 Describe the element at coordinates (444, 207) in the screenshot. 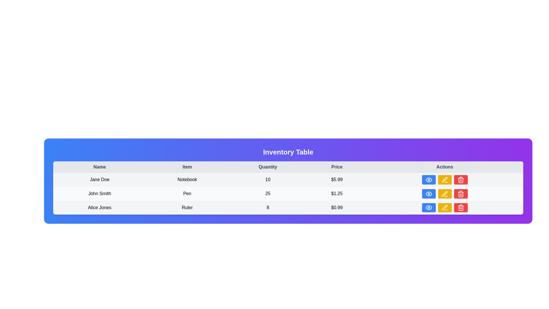

I see `the interactive buttons in the 'Actions' column of the last row of the 'Inventory Table' for the item 'Ruler' owned by 'Alice Jones'` at that location.